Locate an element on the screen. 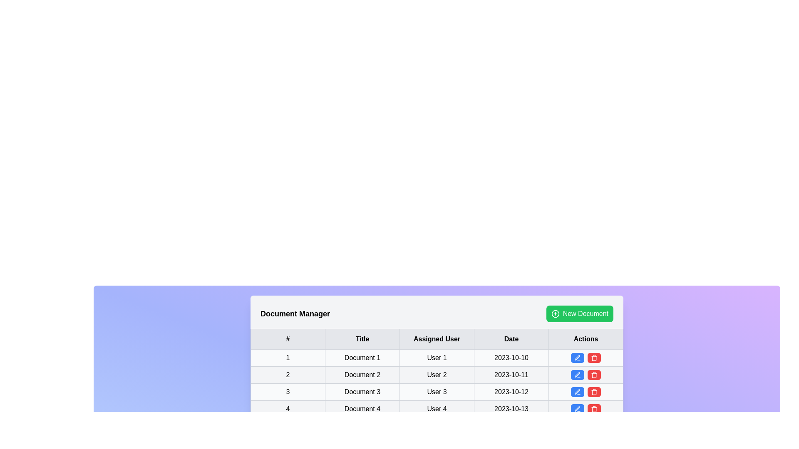 The height and width of the screenshot is (449, 799). to select the first table cell with a light gray background and the numeral '1' centered within it, located in the leftmost column of the first data row beneath the column header titled '#' is located at coordinates (288, 357).